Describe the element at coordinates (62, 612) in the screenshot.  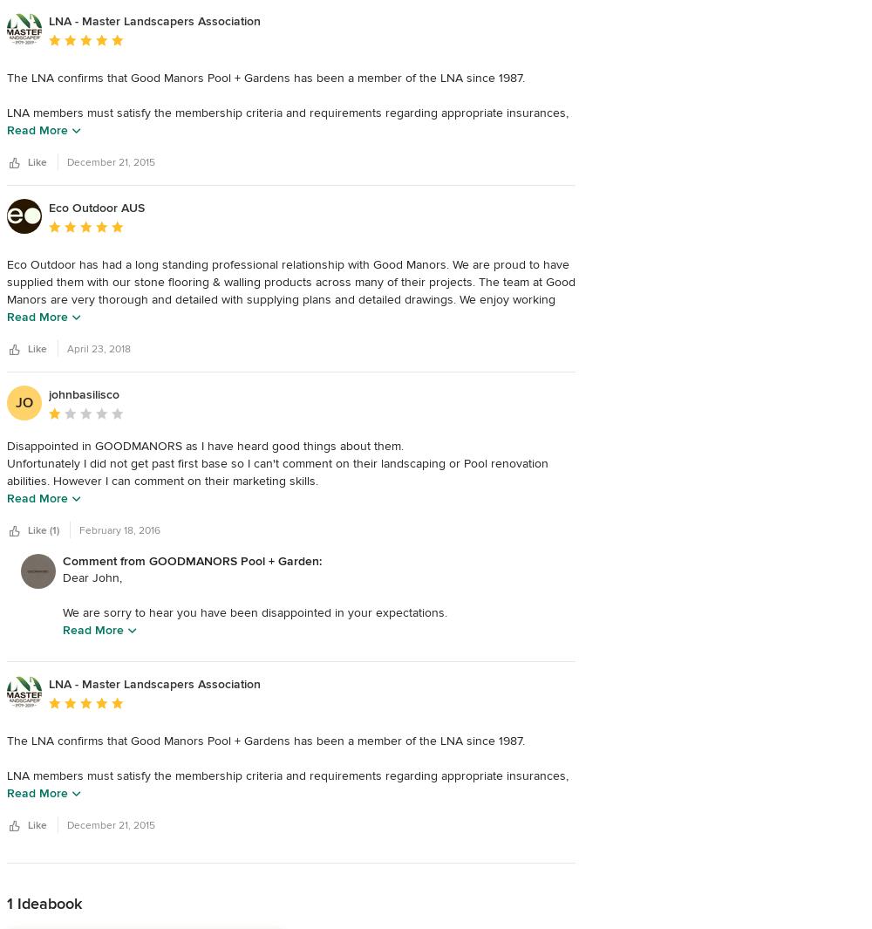
I see `'We are sorry to hear you have been disappointed in your expectations.'` at that location.